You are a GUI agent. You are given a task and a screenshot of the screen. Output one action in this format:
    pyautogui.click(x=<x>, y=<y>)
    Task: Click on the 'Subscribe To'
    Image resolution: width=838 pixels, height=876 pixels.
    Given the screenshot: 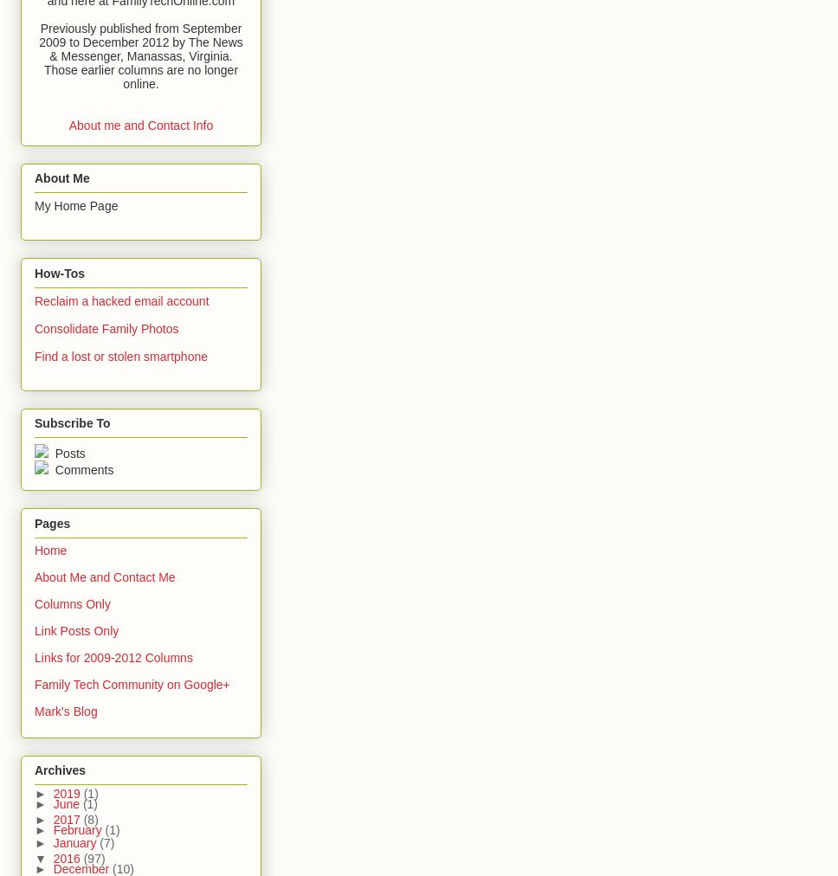 What is the action you would take?
    pyautogui.click(x=72, y=422)
    